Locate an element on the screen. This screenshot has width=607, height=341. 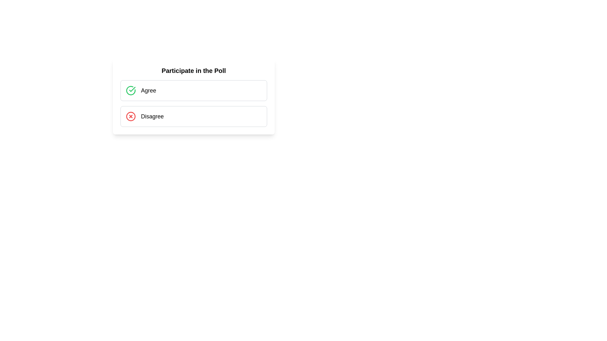
the 'Disagree' text label, which is the second item in a two-option list for a poll or survey, located below the 'Agree' option is located at coordinates (152, 117).